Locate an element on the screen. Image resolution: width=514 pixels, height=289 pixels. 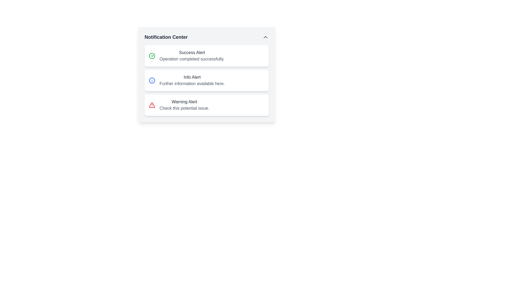
the chevron-up icon button in the header of the 'Notification Center' is located at coordinates (266, 37).